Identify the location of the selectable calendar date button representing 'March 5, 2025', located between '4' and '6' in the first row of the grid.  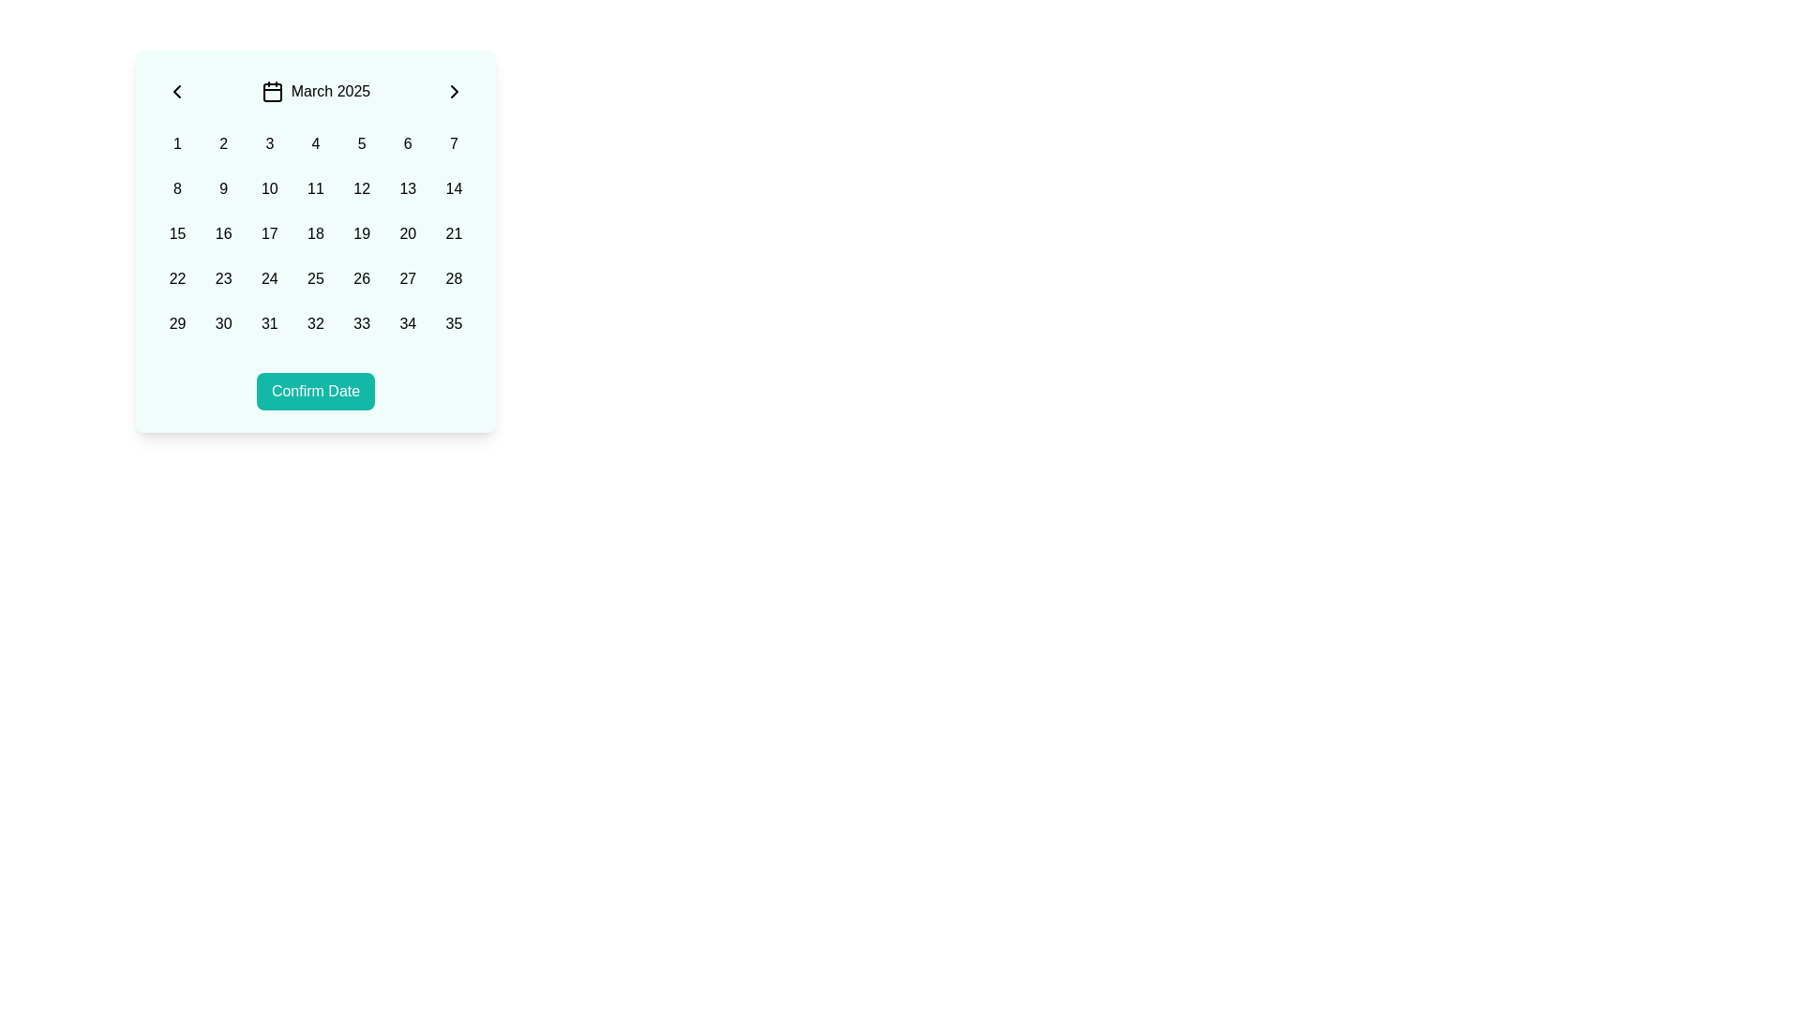
(362, 143).